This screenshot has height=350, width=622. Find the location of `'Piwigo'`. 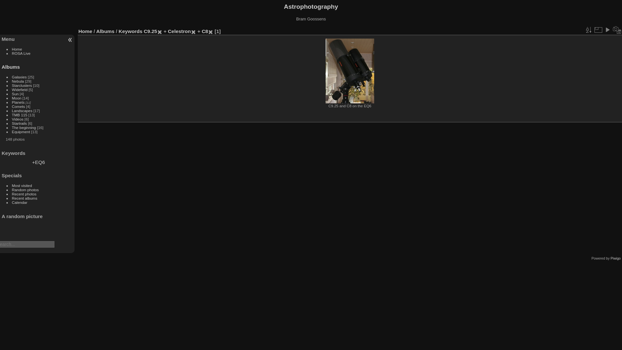

'Piwigo' is located at coordinates (615, 258).